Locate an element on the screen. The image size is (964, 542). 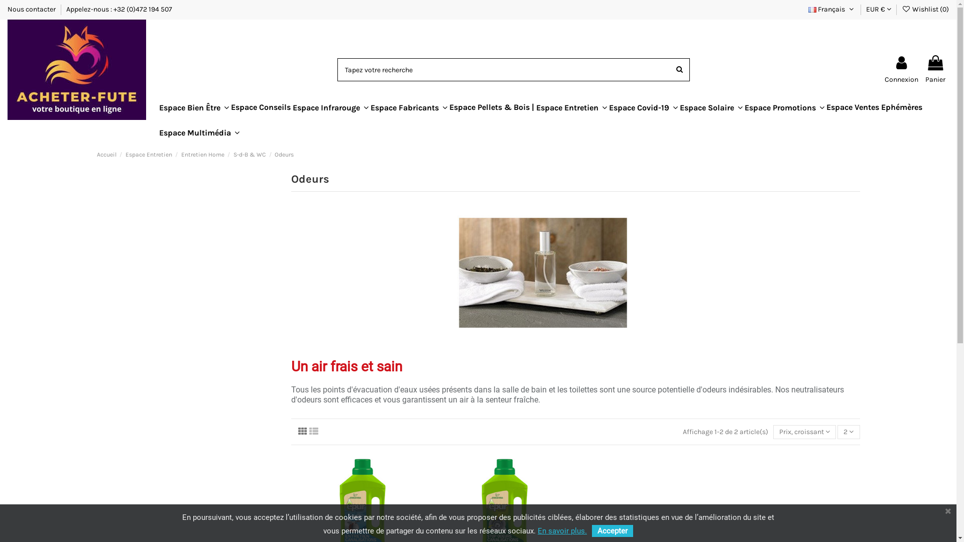
'Espace Fabricants' is located at coordinates (409, 107).